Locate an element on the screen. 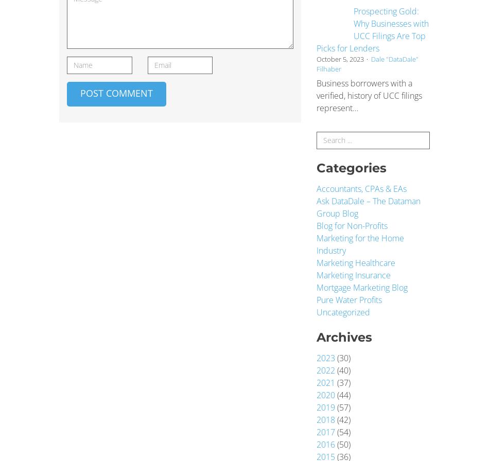 This screenshot has height=461, width=489. '(57)' is located at coordinates (343, 407).